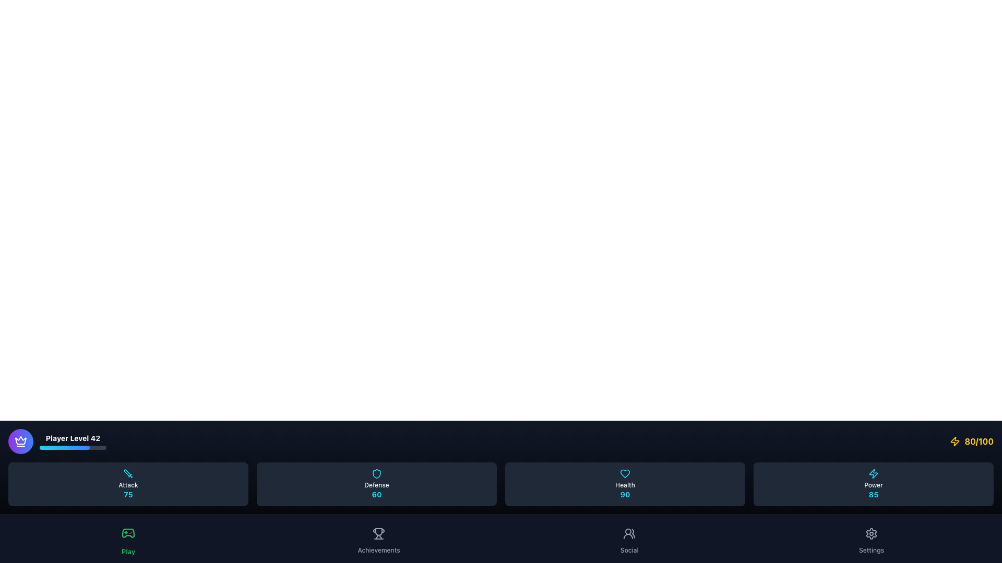 This screenshot has height=563, width=1002. Describe the element at coordinates (625, 474) in the screenshot. I see `the heart icon representing 'Health', which indicates the health status and is located above the textual components 'Health' and '90'` at that location.